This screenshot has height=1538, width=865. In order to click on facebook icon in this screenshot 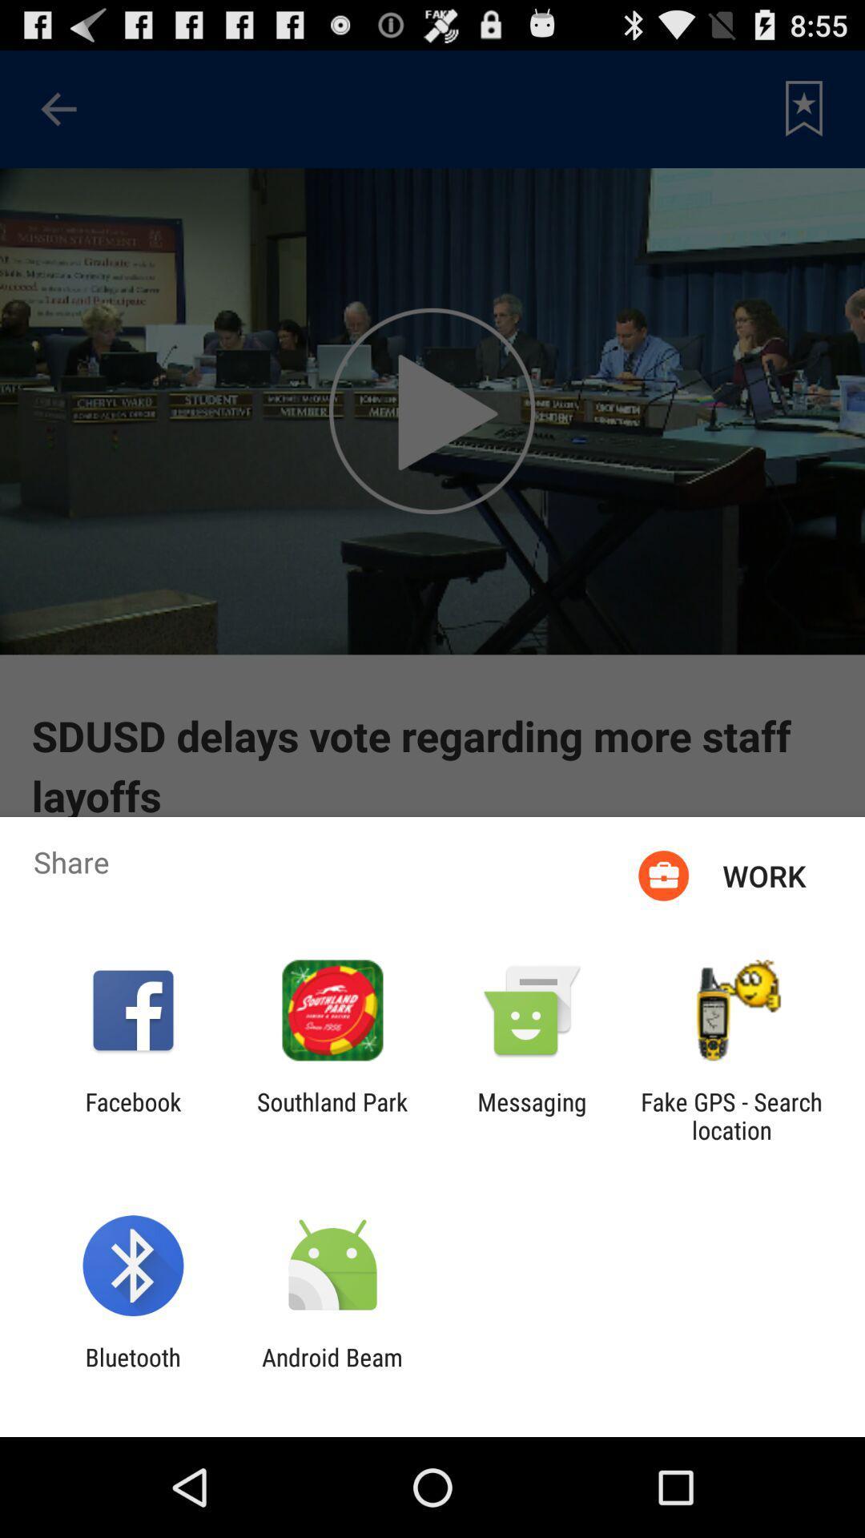, I will do `click(132, 1115)`.